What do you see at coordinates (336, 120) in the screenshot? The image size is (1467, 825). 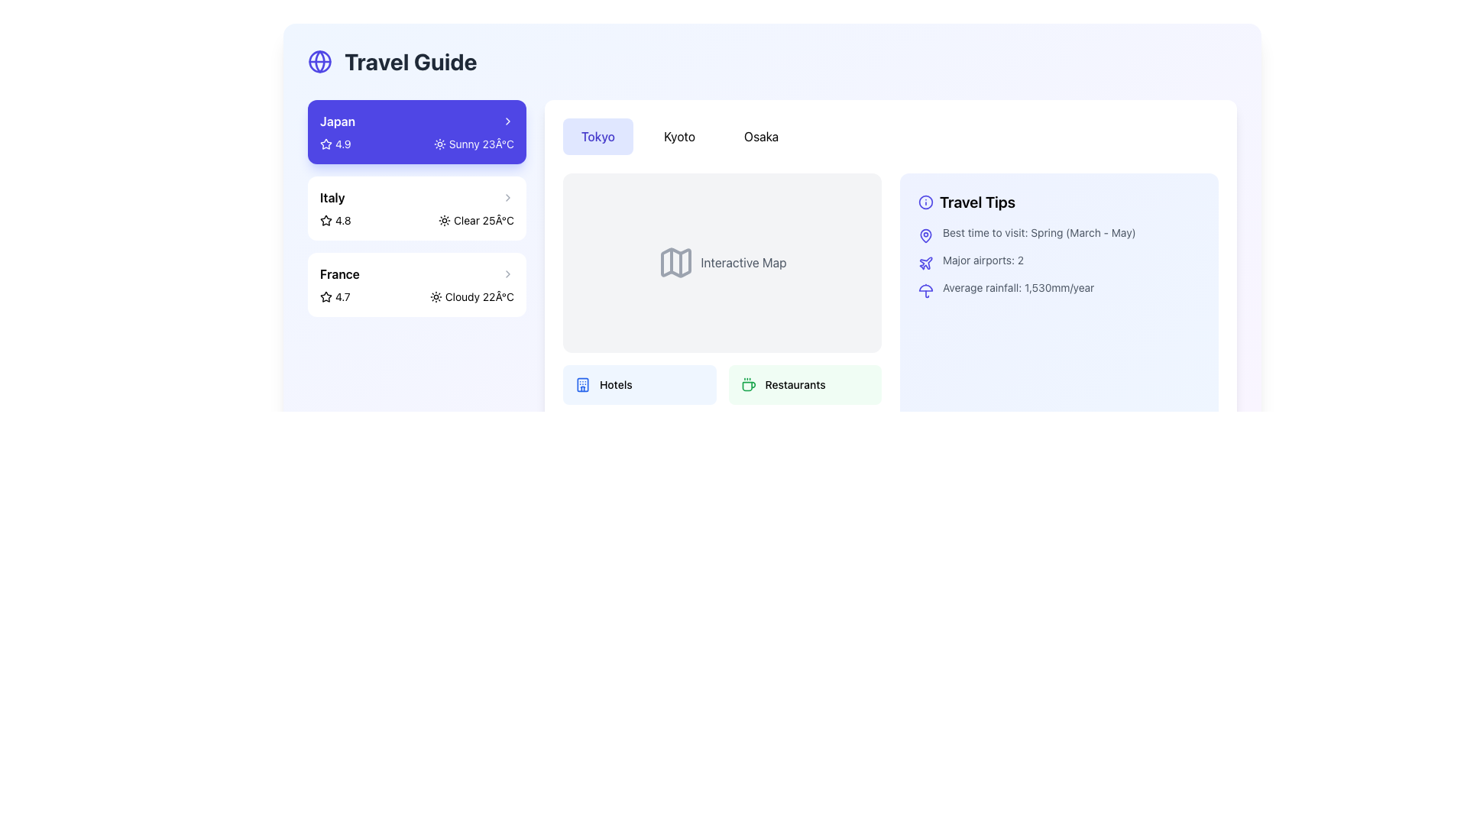 I see `text label identifying the country 'Japan' located at the top of the country panels on the left side of the interface` at bounding box center [336, 120].